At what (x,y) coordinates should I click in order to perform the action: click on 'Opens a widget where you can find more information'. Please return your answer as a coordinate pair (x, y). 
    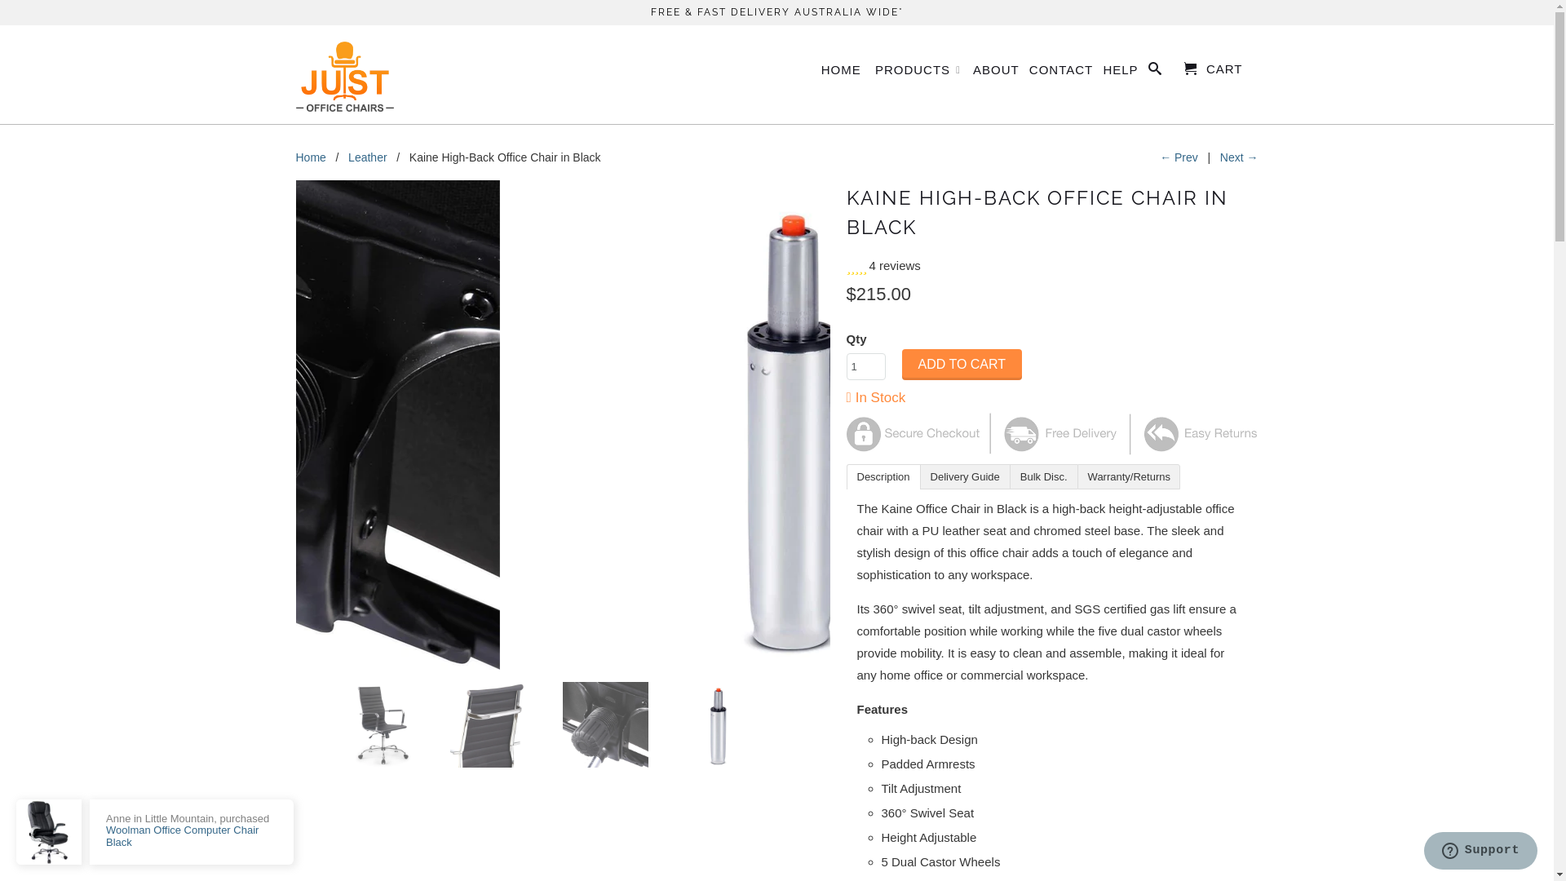
    Looking at the image, I should click on (1422, 852).